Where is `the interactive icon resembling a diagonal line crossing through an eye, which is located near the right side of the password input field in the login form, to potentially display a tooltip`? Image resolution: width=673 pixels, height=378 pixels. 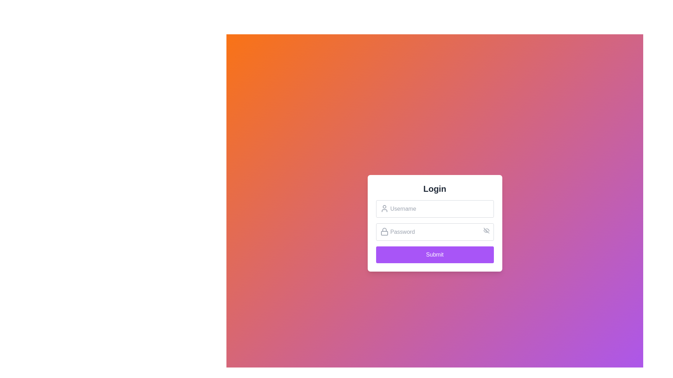
the interactive icon resembling a diagonal line crossing through an eye, which is located near the right side of the password input field in the login form, to potentially display a tooltip is located at coordinates (486, 231).